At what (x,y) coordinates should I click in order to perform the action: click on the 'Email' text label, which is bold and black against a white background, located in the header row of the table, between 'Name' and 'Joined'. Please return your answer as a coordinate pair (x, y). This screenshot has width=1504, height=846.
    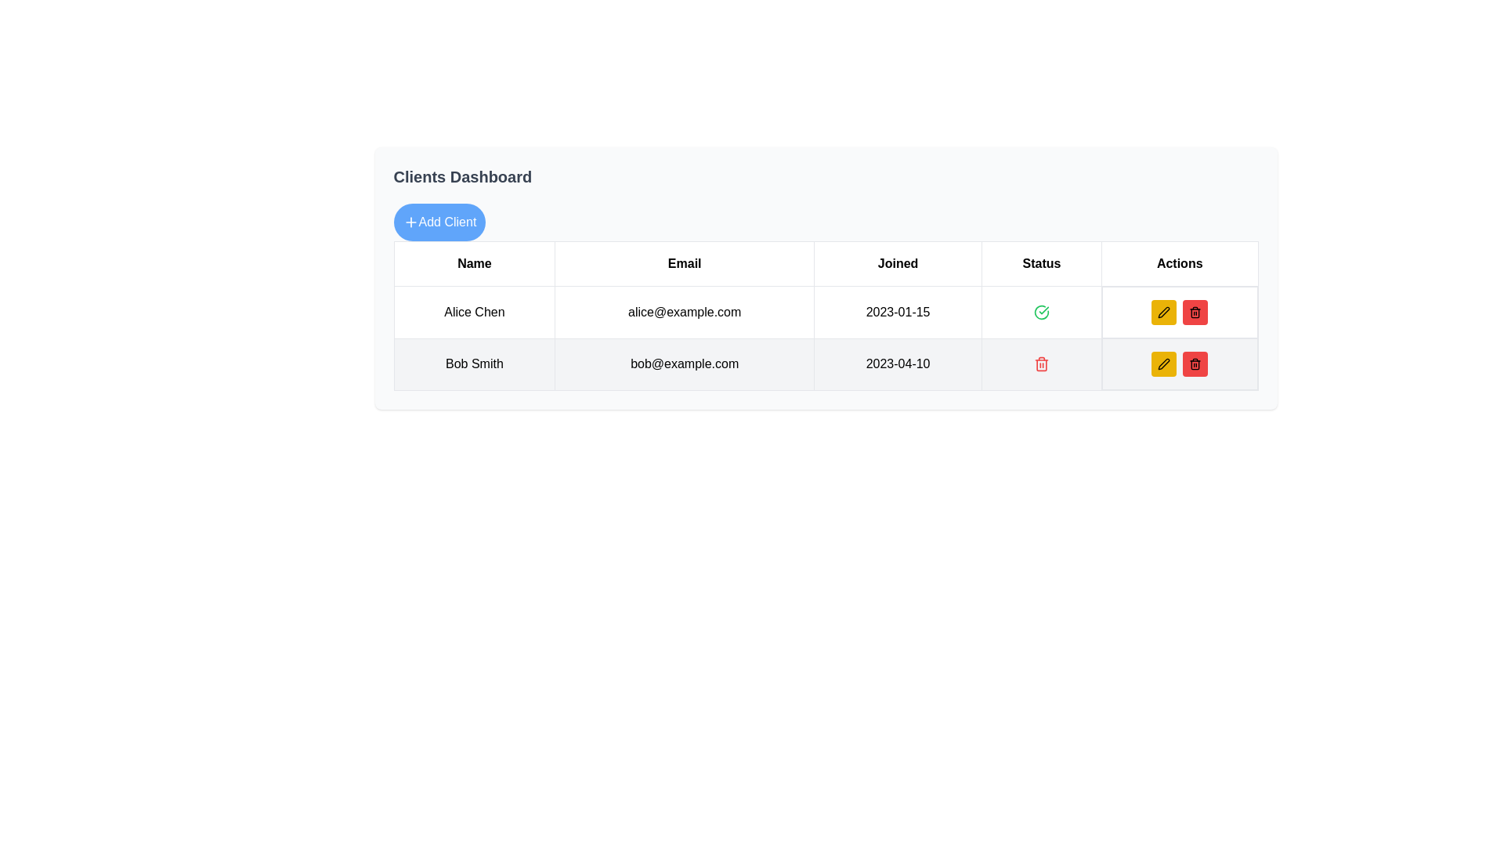
    Looking at the image, I should click on (685, 262).